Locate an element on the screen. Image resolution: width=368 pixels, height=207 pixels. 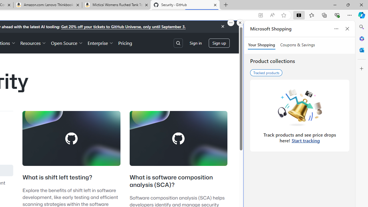
'Sign up' is located at coordinates (219, 43).